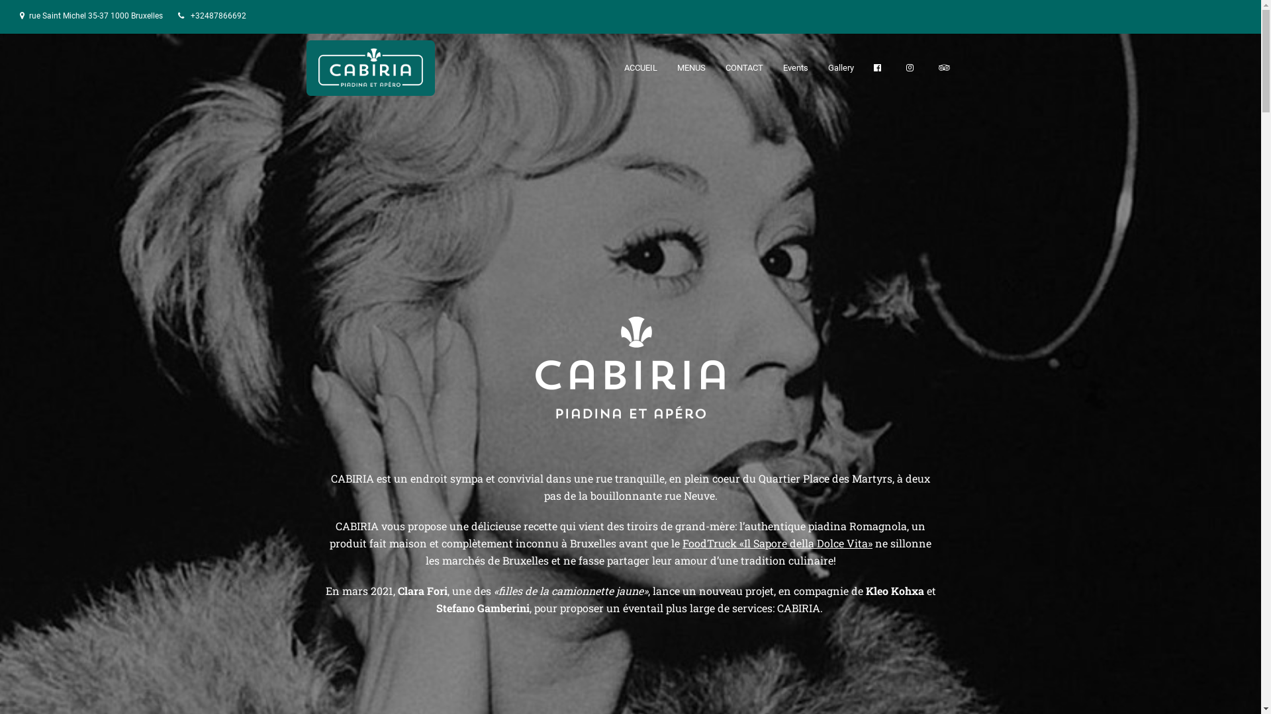  What do you see at coordinates (794, 68) in the screenshot?
I see `'Events'` at bounding box center [794, 68].